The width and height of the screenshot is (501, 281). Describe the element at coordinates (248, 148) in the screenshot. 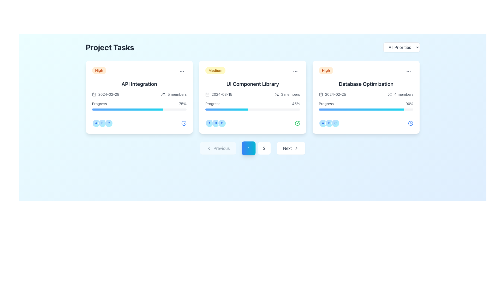

I see `the square button with rounded corners, a blue to cyan gradient background, and a white number '1' in the center` at that location.